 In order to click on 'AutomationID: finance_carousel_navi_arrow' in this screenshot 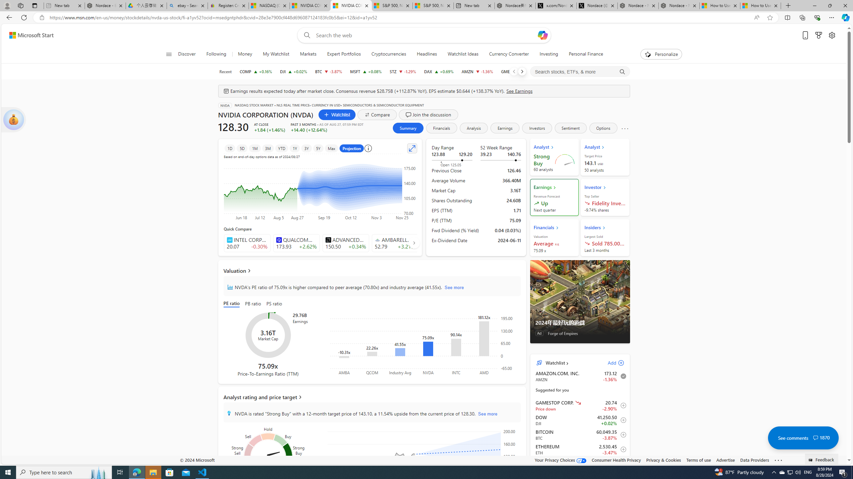, I will do `click(414, 242)`.